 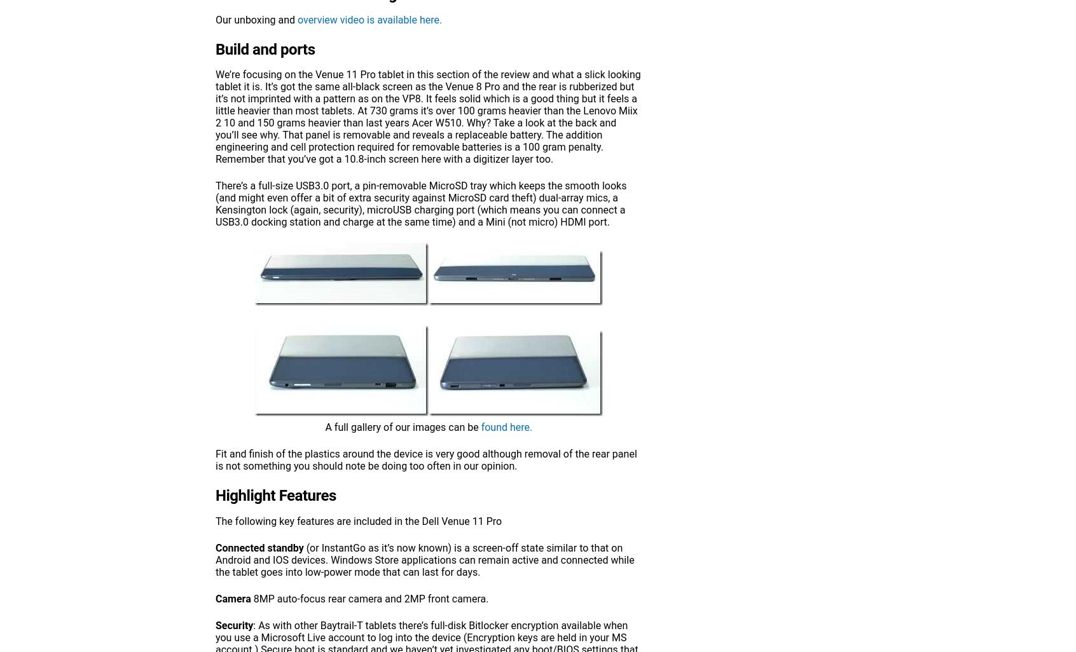 What do you see at coordinates (428, 116) in the screenshot?
I see `'We’re focusing on the Venue 11 Pro tablet in this section of the review and what a slick looking tablet it is. It’s got the same all-black screen as the Venue 8 Pro and the rear is rubberized but it’s not imprinted with a pattern as on the VP8. It feels solid which is a good thing but it feels a little heavier than most tablets. At 730 grams it’s over 100 grams heavier than the Lenovo Miix 2 10 and 150 grams heavier than last years Acer W510. Why? Take a look at the back and you’ll see why. That panel is removable and reveals a replaceable battery. The addition engineering and cell protection required for removable batteries is a 100 gram penalty. Remember that you’ve got a 10.8-inch screen here with a digitizer layer too.'` at bounding box center [428, 116].